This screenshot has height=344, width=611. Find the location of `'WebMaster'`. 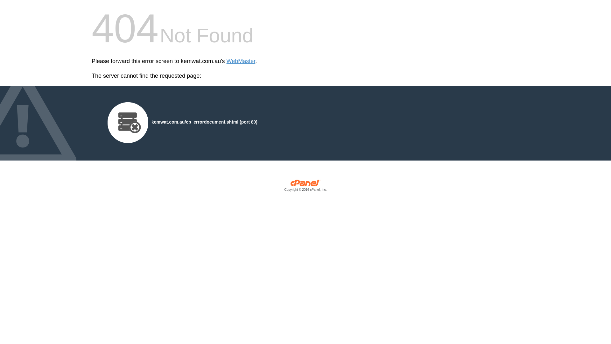

'WebMaster' is located at coordinates (241, 61).